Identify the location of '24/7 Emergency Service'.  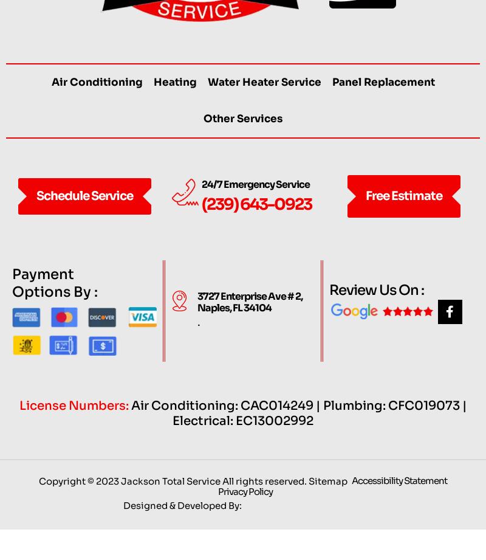
(255, 209).